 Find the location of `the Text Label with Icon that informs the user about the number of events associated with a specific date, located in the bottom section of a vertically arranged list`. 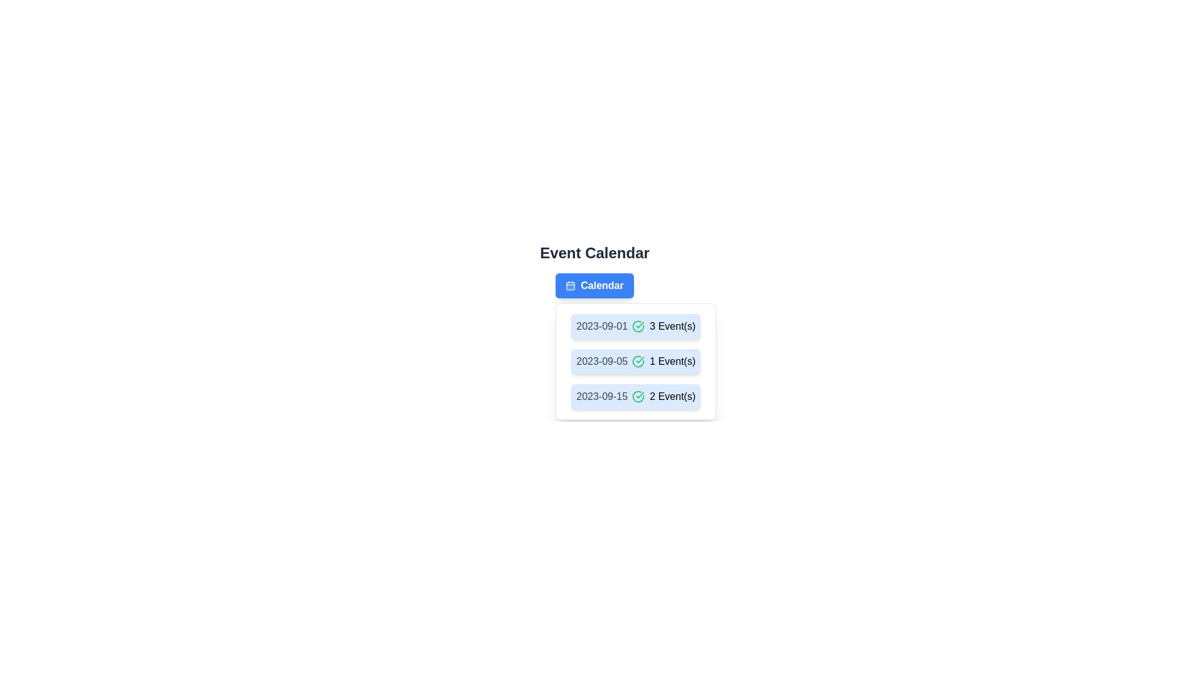

the Text Label with Icon that informs the user about the number of events associated with a specific date, located in the bottom section of a vertically arranged list is located at coordinates (663, 396).